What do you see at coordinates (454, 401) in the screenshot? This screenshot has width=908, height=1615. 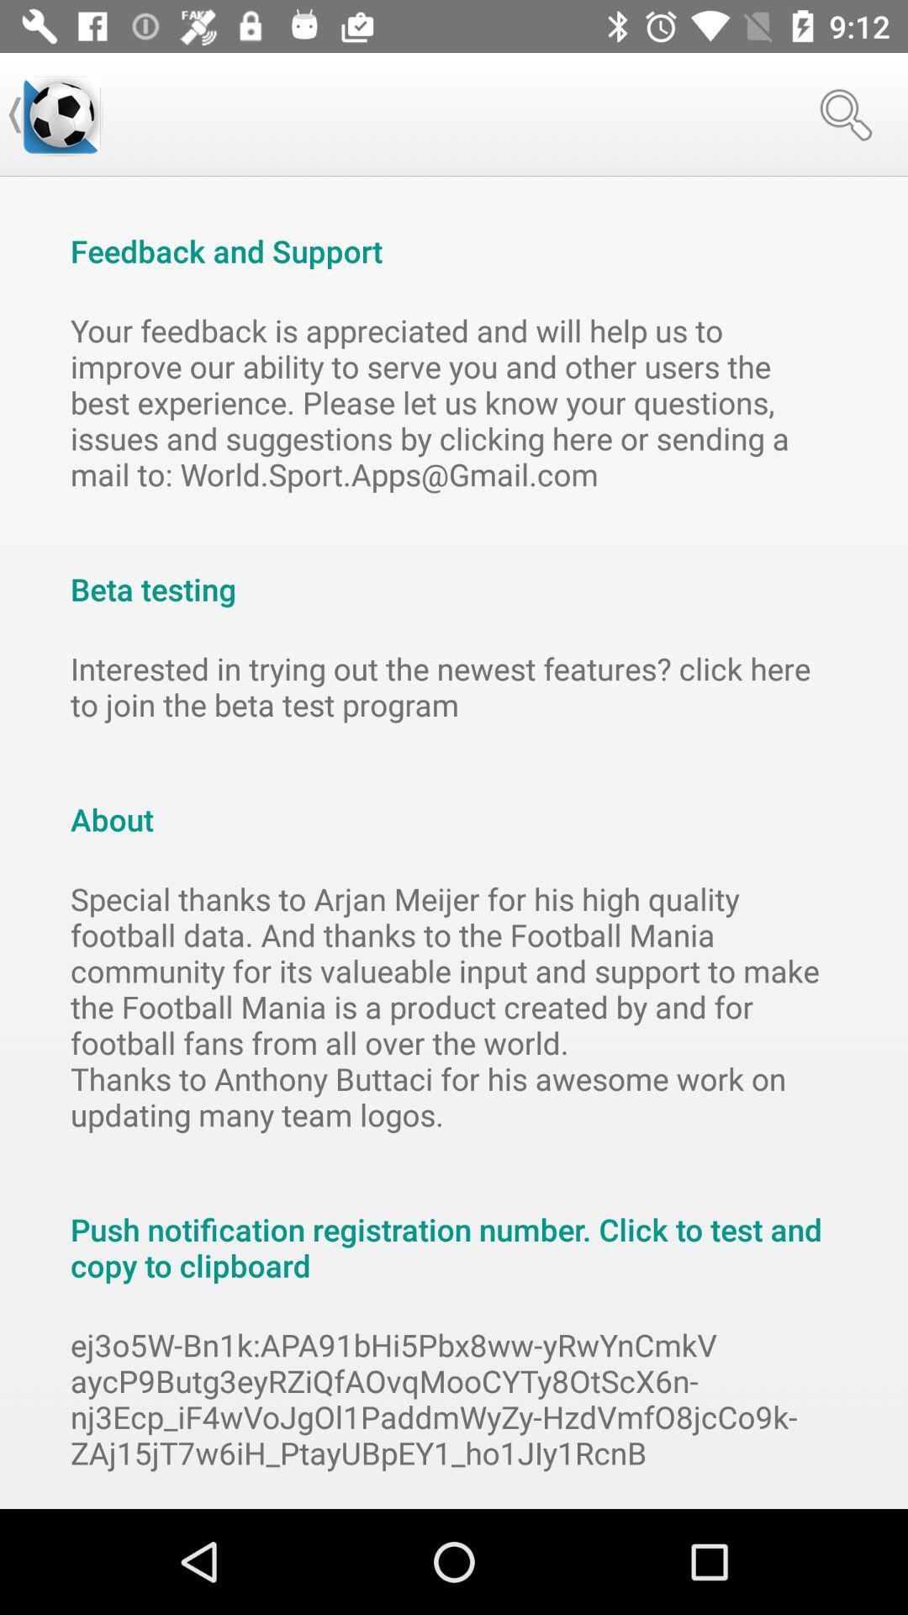 I see `the item above the beta testing` at bounding box center [454, 401].